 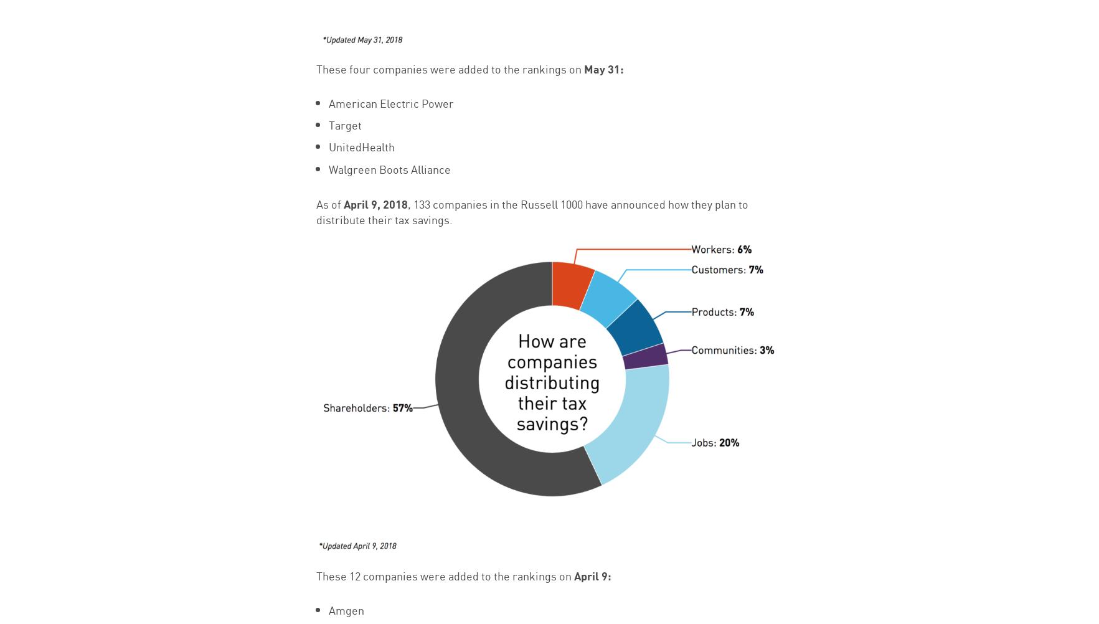 I want to click on 'Amgen', so click(x=328, y=608).